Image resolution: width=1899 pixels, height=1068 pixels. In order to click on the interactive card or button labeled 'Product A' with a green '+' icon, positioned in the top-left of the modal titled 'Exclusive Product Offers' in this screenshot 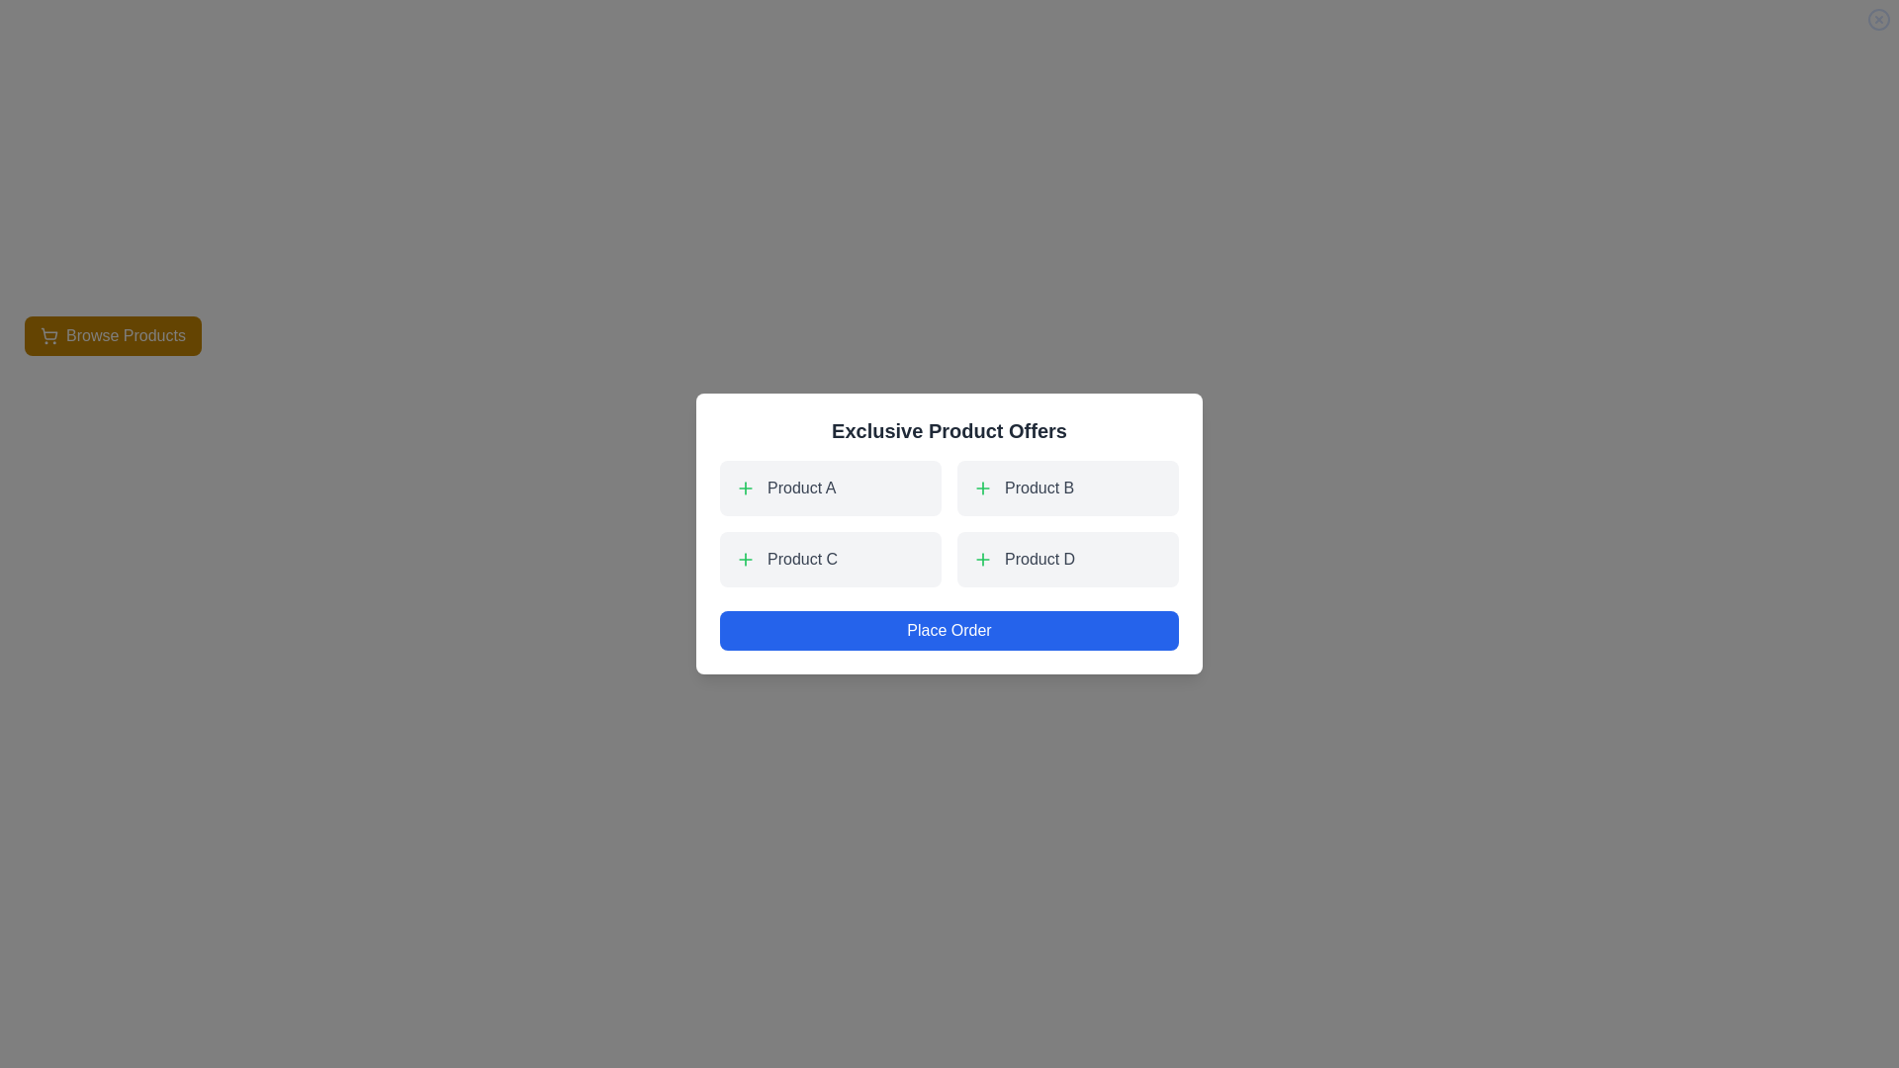, I will do `click(831, 488)`.